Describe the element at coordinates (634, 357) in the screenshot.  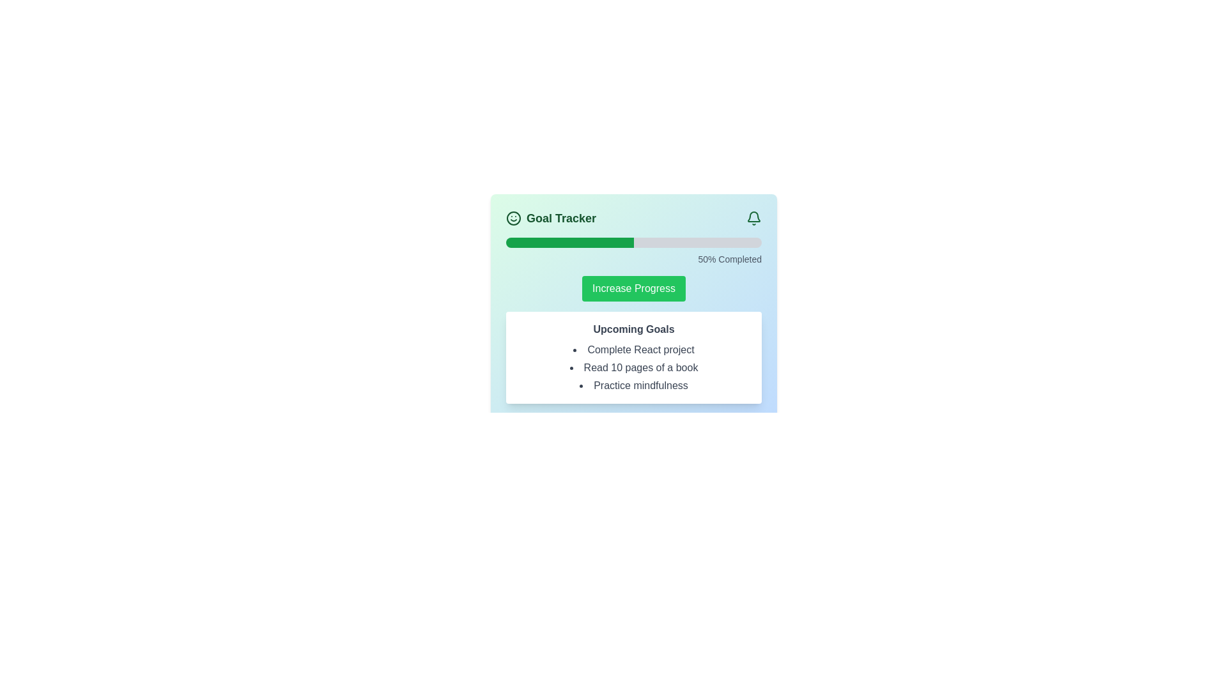
I see `the 'Upcoming Goals' section with a white background and shadow effect` at that location.